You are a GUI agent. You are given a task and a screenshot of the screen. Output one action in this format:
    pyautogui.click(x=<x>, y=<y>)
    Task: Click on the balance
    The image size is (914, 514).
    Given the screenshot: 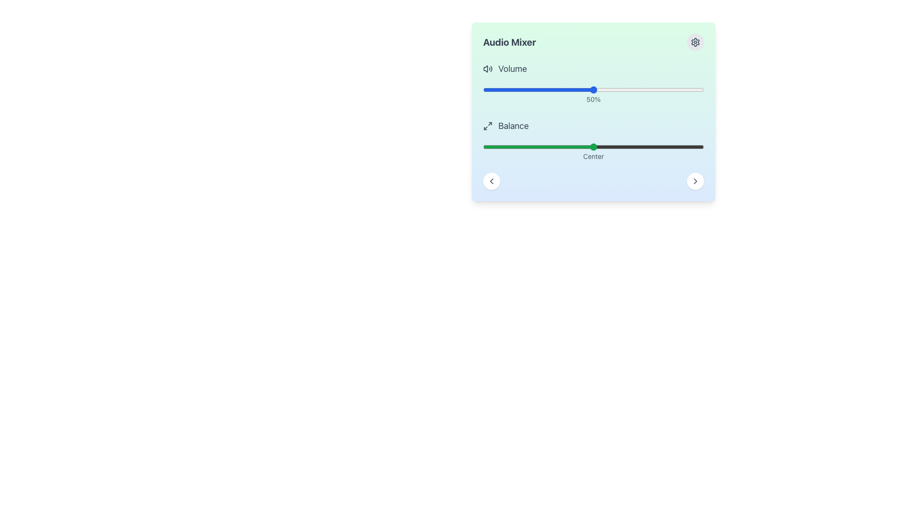 What is the action you would take?
    pyautogui.click(x=586, y=147)
    